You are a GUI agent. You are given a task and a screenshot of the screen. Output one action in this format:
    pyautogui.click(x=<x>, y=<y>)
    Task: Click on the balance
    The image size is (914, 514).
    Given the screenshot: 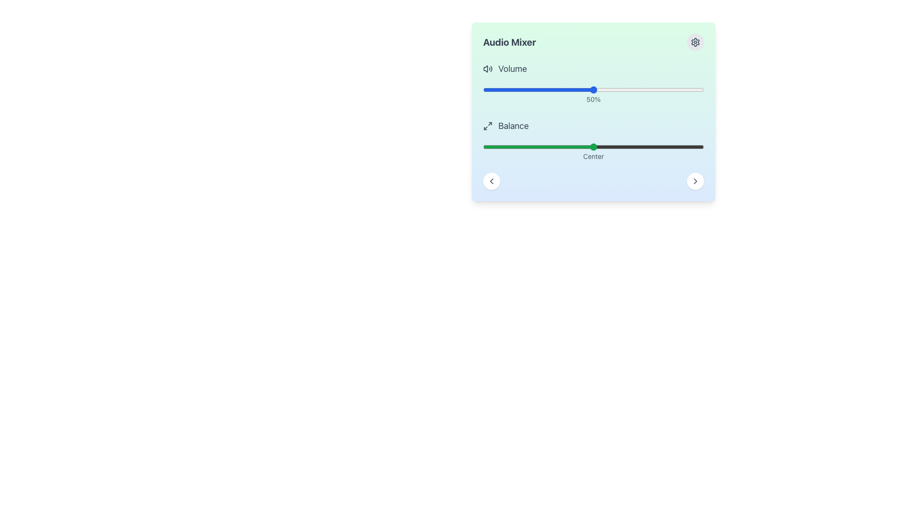 What is the action you would take?
    pyautogui.click(x=586, y=147)
    